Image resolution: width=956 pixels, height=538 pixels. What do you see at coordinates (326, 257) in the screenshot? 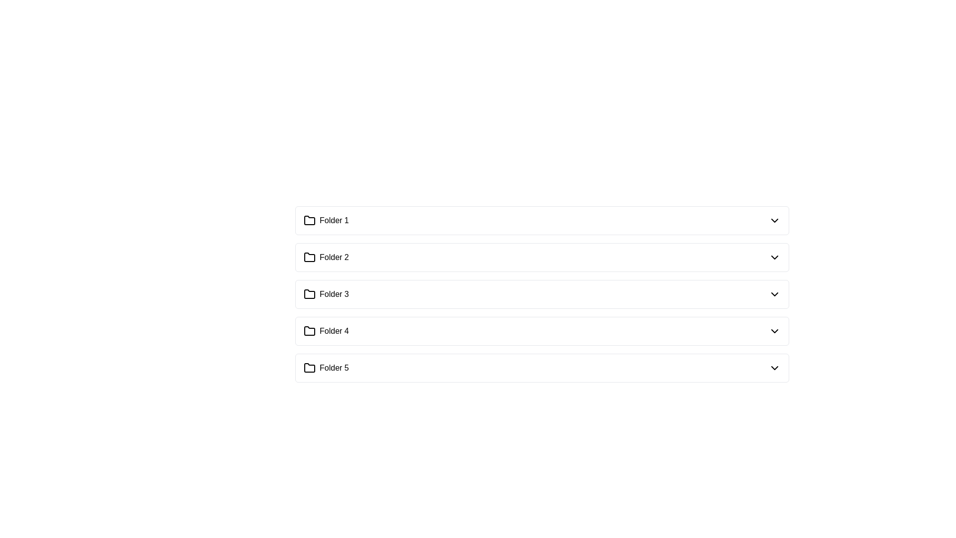
I see `the 'Folder 2' label with an icon resembling a folder` at bounding box center [326, 257].